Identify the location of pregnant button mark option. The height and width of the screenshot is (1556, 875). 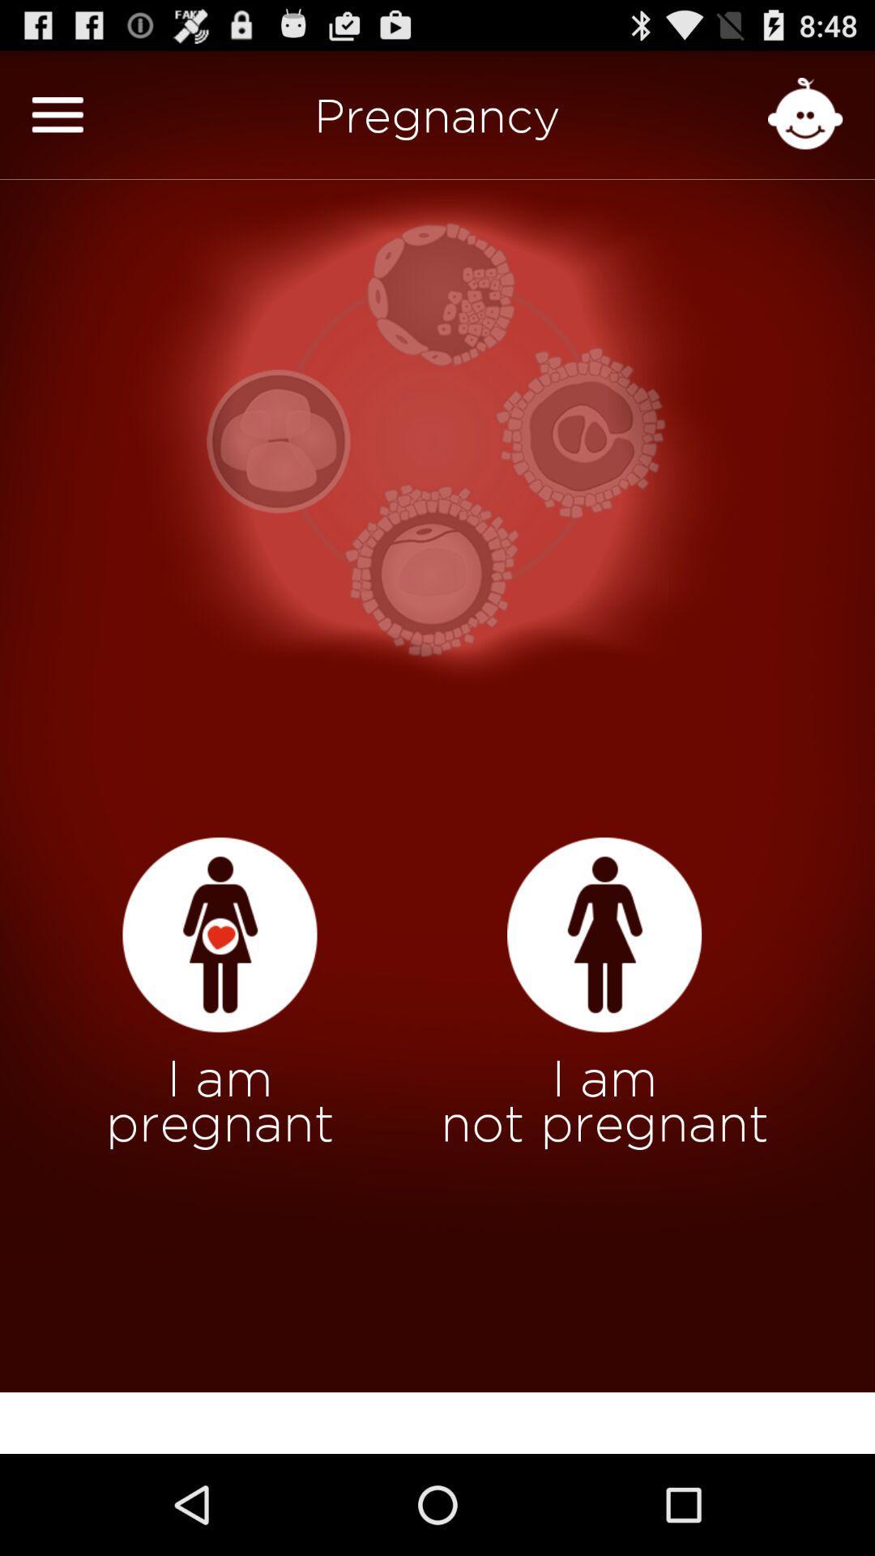
(220, 935).